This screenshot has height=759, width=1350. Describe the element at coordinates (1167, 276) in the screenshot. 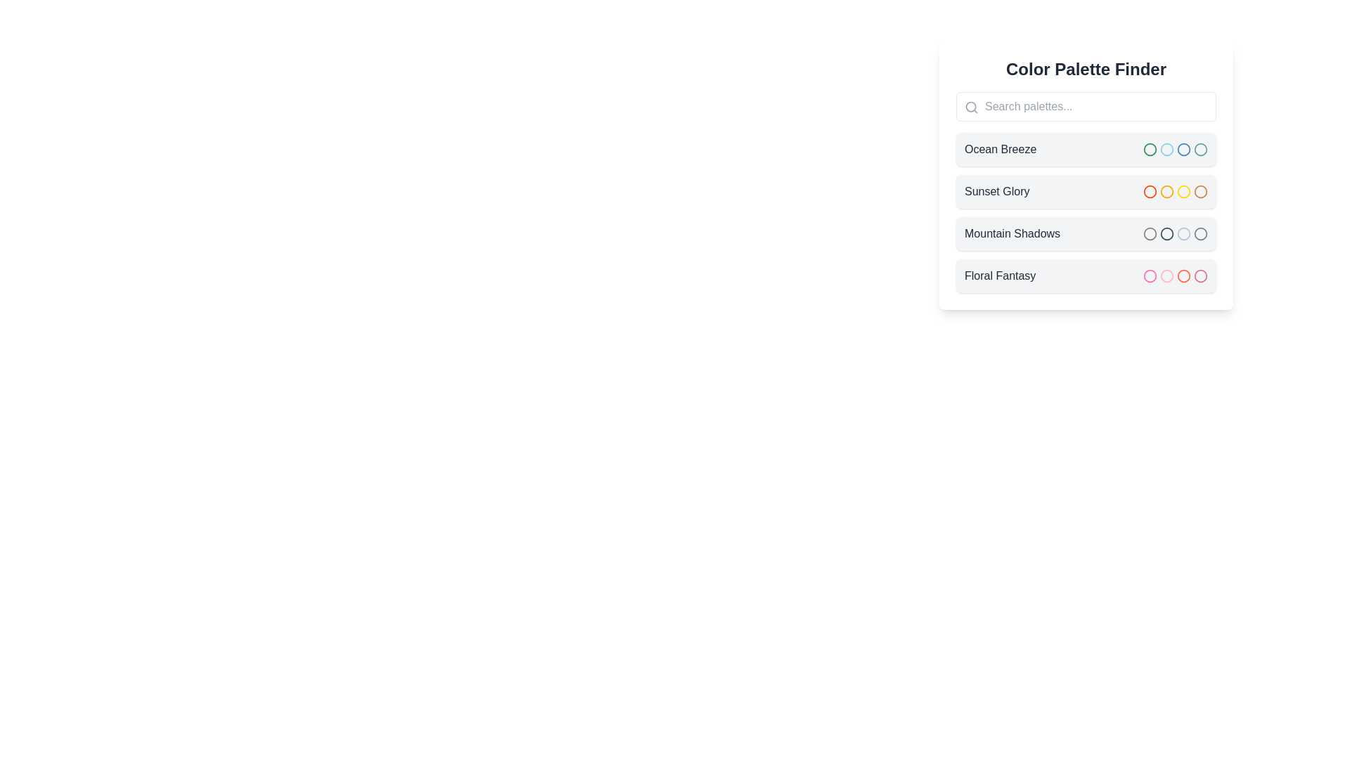

I see `the second selectable color circle from the left in the fourth row of the 'Floral Fantasy' palette` at that location.